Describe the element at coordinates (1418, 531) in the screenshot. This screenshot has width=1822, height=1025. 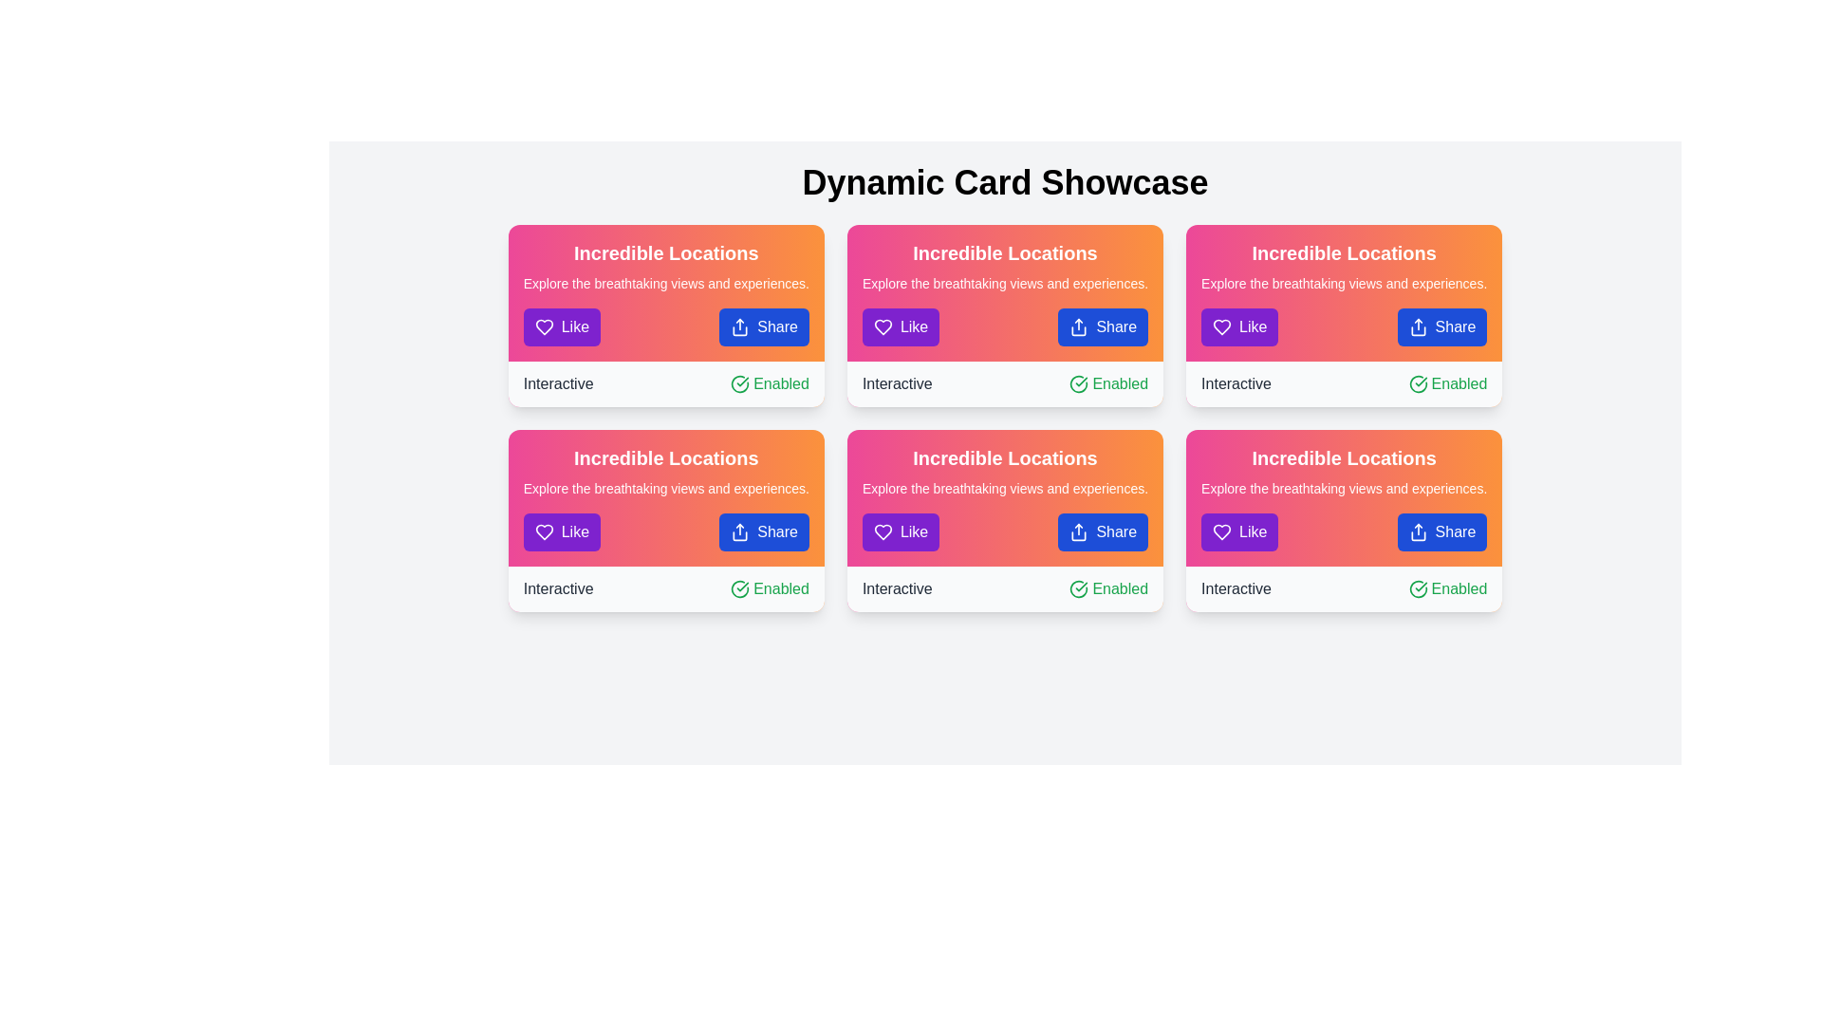
I see `the 'Share' button icon located in the bottom right of the card in the second row and third column of the grid layout` at that location.